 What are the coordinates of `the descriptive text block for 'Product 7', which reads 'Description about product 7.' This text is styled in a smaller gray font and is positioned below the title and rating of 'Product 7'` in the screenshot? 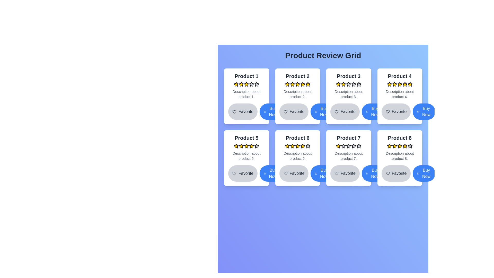 It's located at (349, 155).